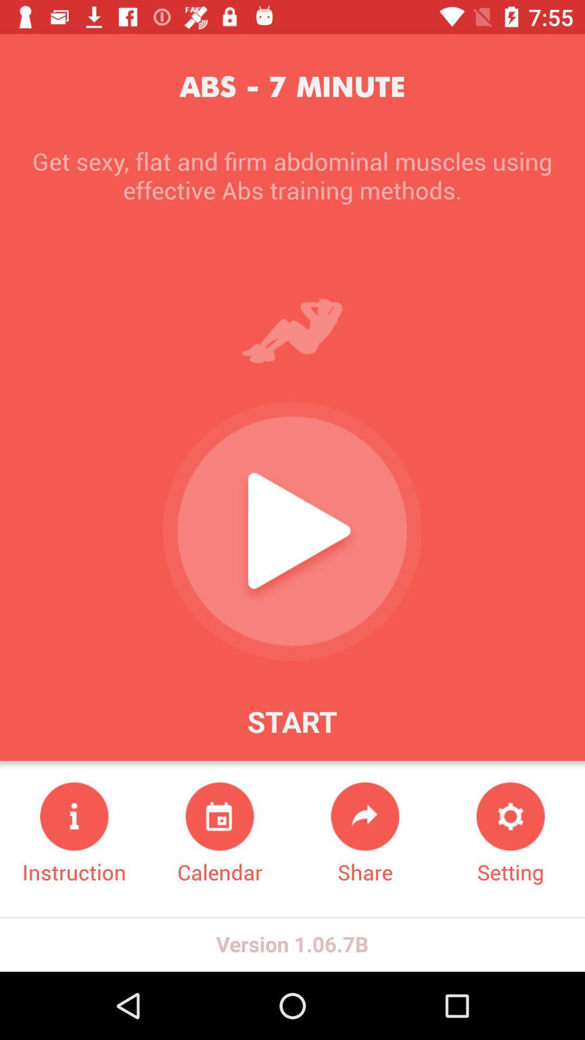 Image resolution: width=585 pixels, height=1040 pixels. Describe the element at coordinates (365, 834) in the screenshot. I see `icon next to the setting icon` at that location.